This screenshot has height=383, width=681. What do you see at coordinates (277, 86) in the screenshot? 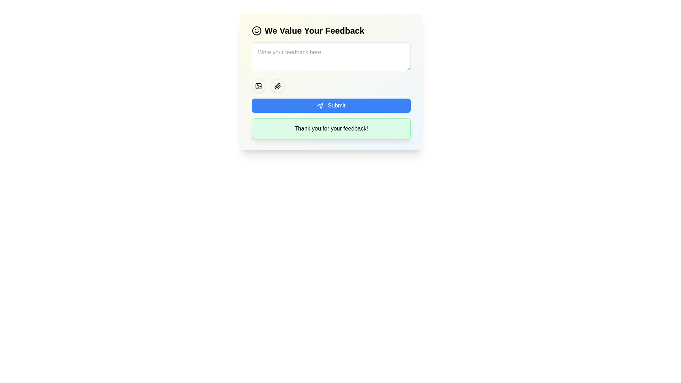
I see `the paperclip icon button located underneath the feedback text area to initiate the attachment functionality` at bounding box center [277, 86].